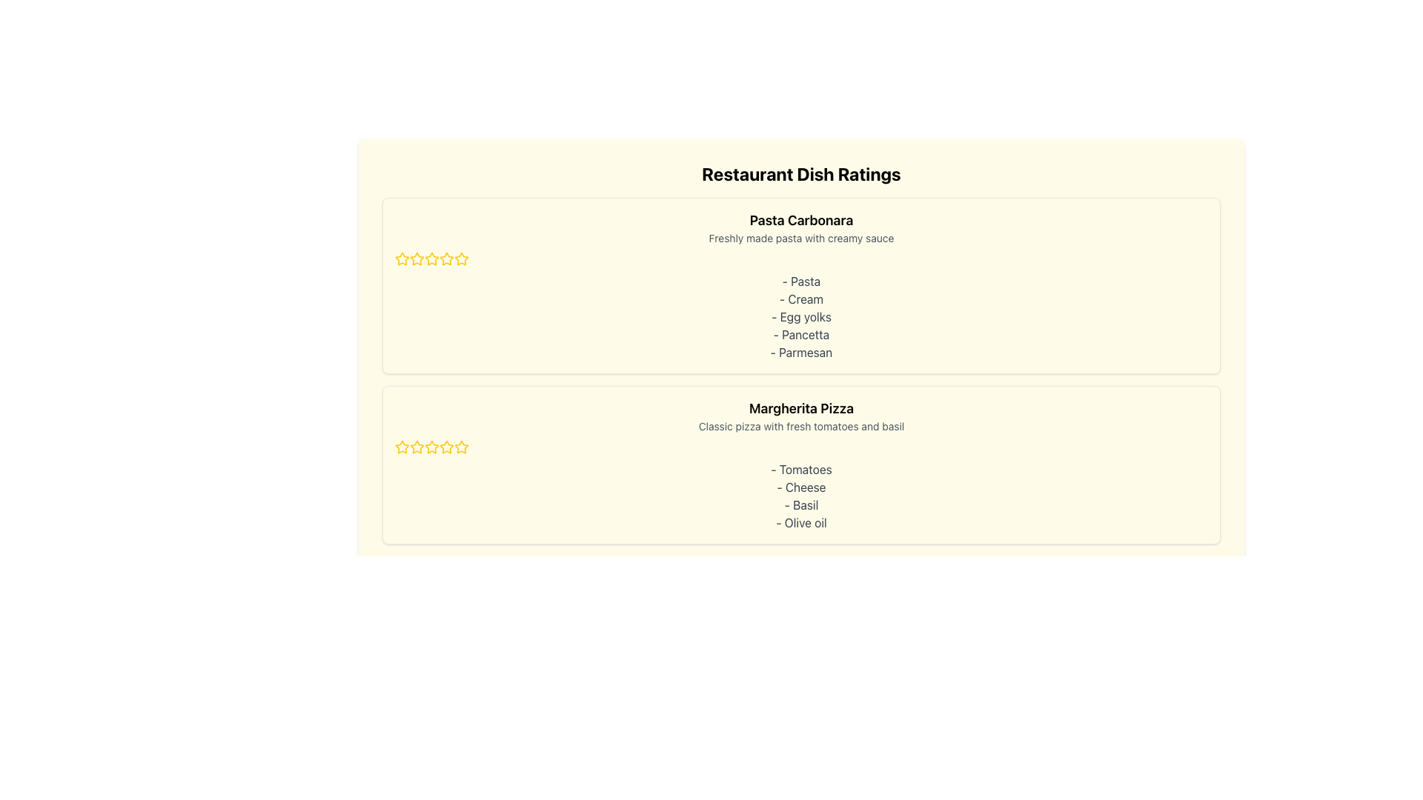 The image size is (1423, 800). What do you see at coordinates (416, 259) in the screenshot?
I see `the third star icon representing the rating for the 'Pasta Carbonara' dish` at bounding box center [416, 259].